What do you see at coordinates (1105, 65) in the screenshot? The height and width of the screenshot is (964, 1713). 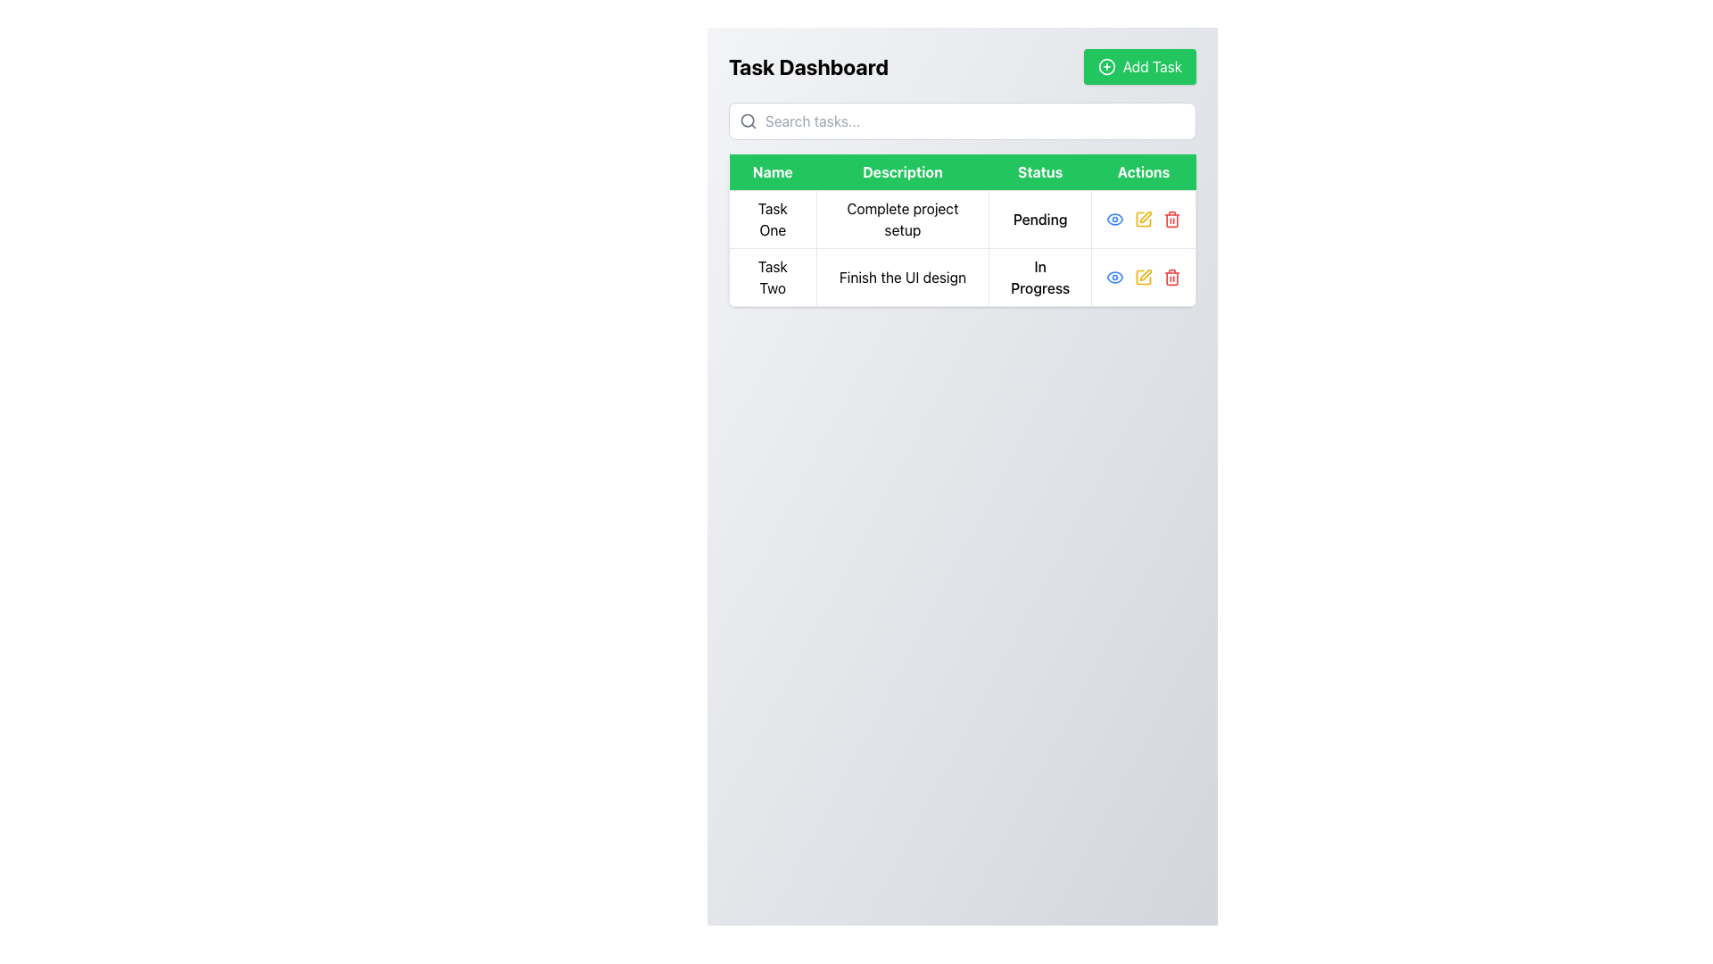 I see `the green circular icon with a white plus symbol located to the left of the 'Add Task' button text to initiate the add task action` at bounding box center [1105, 65].